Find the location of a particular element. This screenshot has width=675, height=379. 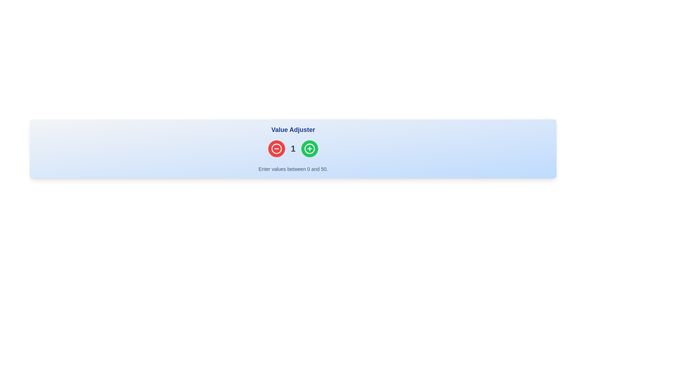

the text label that displays 'Enter values between 0 and 50.', located below the numeric adjustment widget in the 'Value Adjuster' section is located at coordinates (293, 169).